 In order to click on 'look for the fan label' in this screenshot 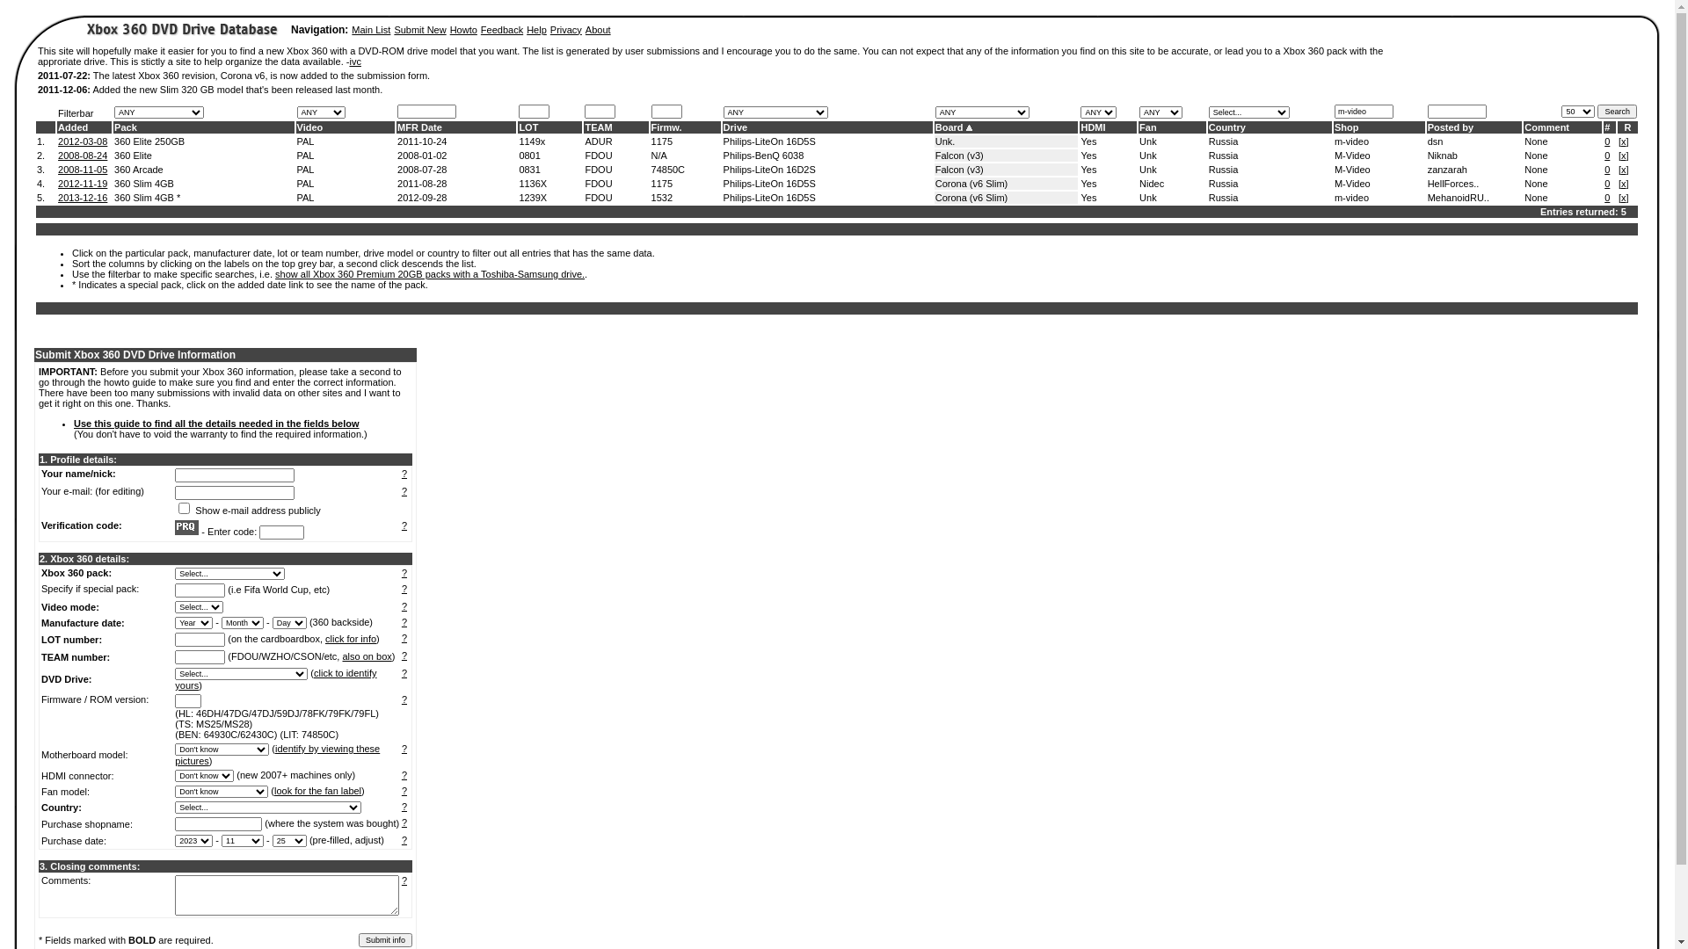, I will do `click(317, 789)`.